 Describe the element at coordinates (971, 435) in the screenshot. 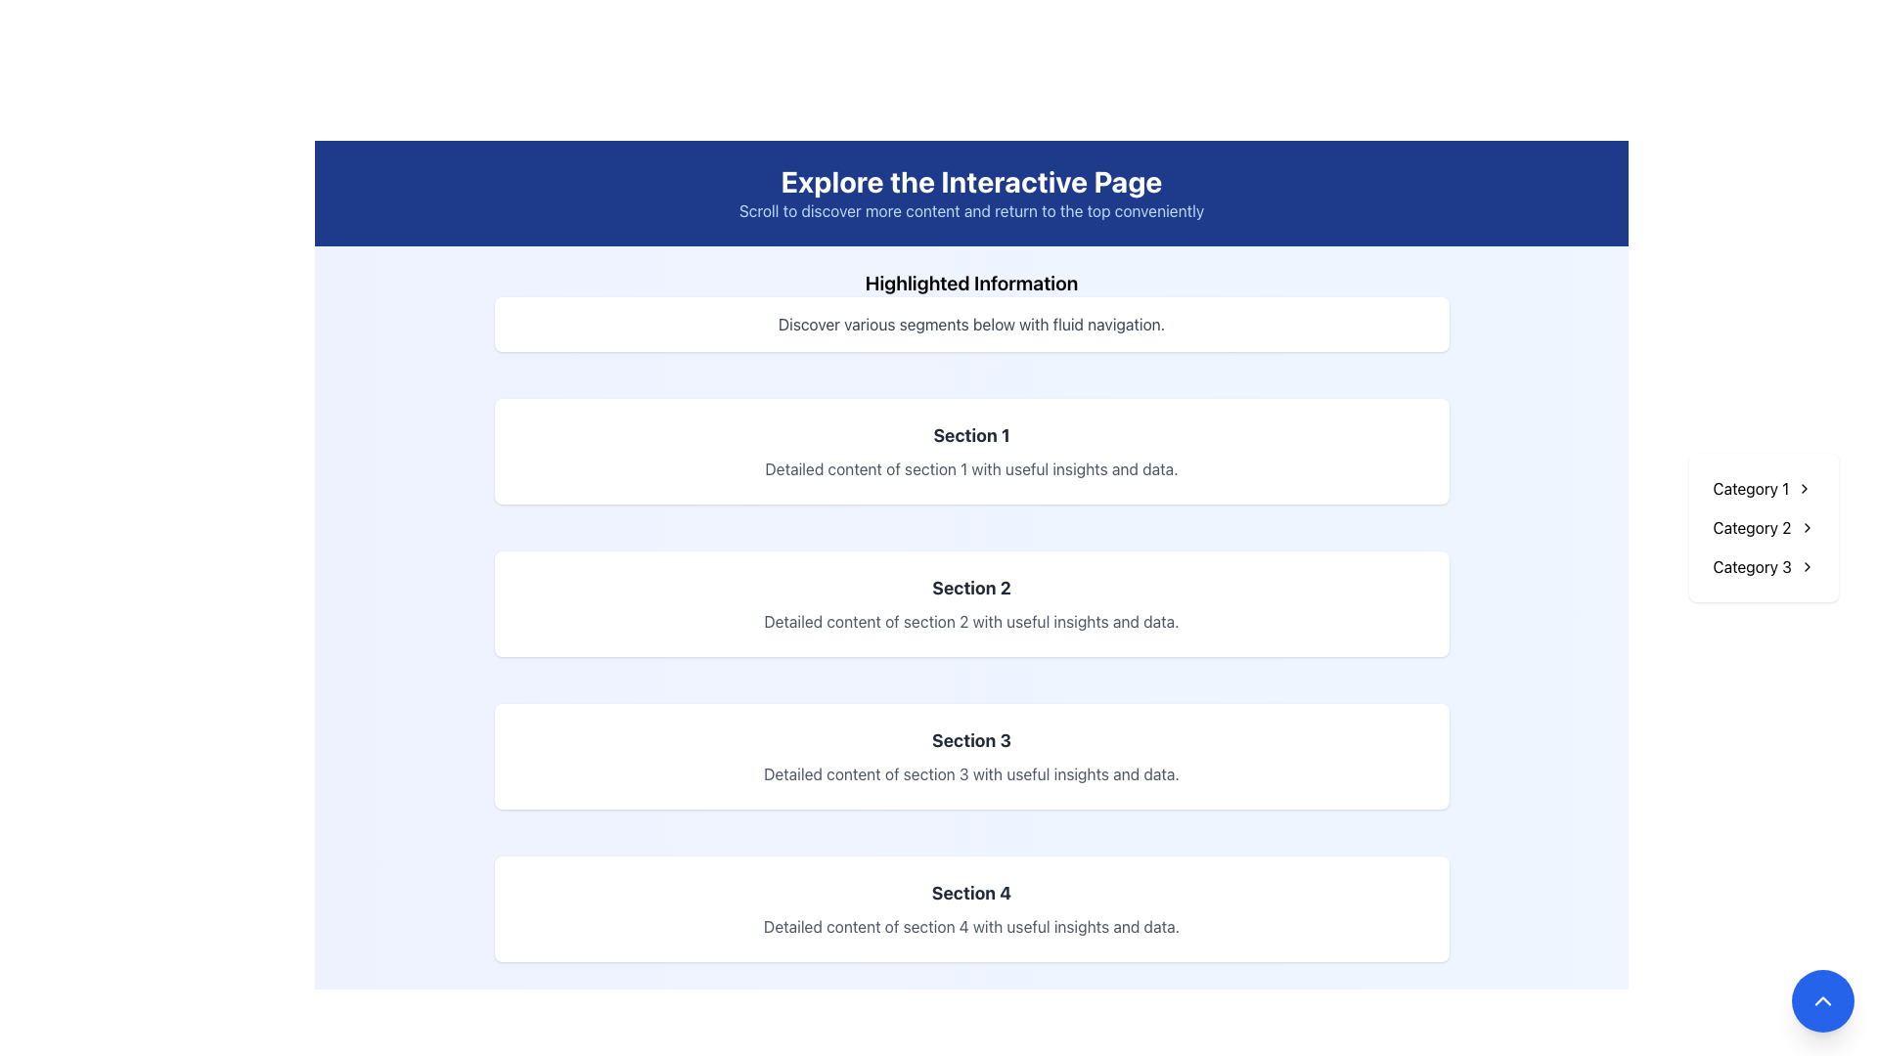

I see `bolded text label displaying 'Section 1.' which stands out due to its larger font size and darker color, located within the first white box of a vertically-aligned list near the center of the interface` at that location.